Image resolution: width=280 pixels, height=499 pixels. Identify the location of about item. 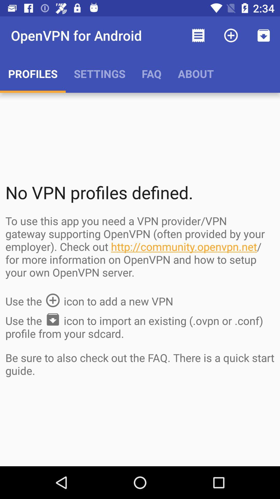
(196, 73).